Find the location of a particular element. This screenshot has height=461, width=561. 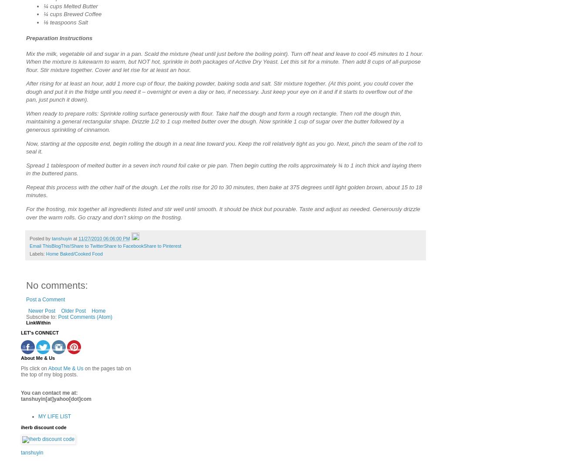

'Home' is located at coordinates (98, 310).